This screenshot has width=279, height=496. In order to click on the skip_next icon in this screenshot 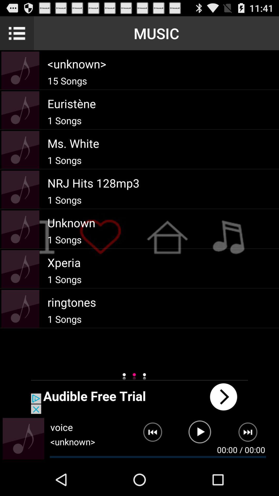, I will do `click(251, 465)`.